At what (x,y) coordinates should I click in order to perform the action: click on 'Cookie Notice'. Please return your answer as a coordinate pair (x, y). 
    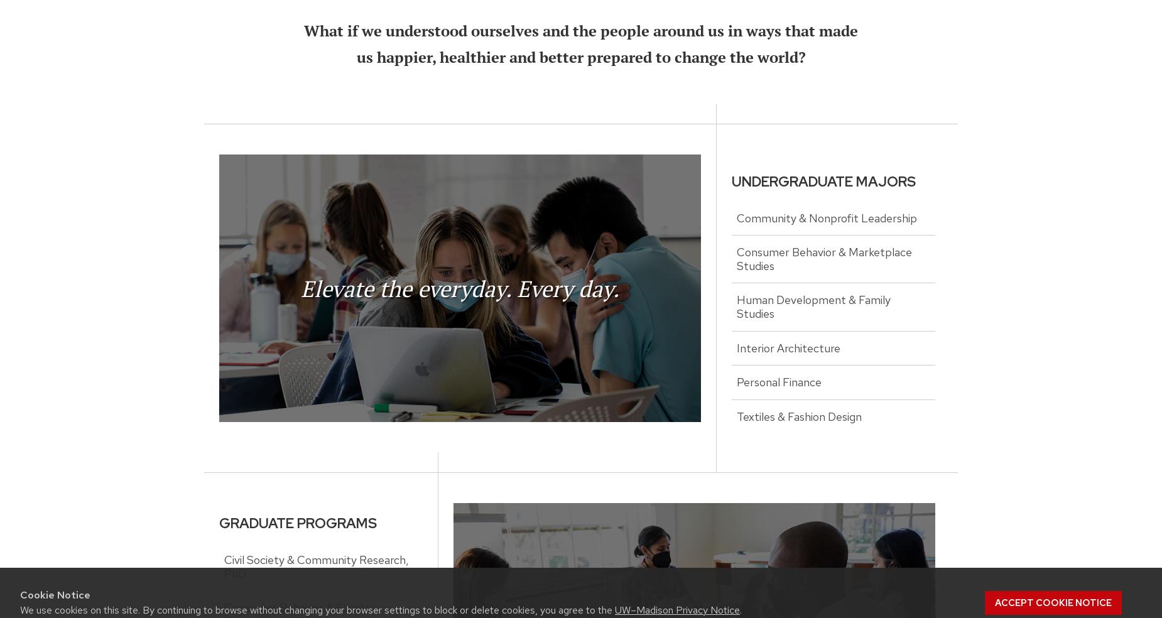
    Looking at the image, I should click on (55, 595).